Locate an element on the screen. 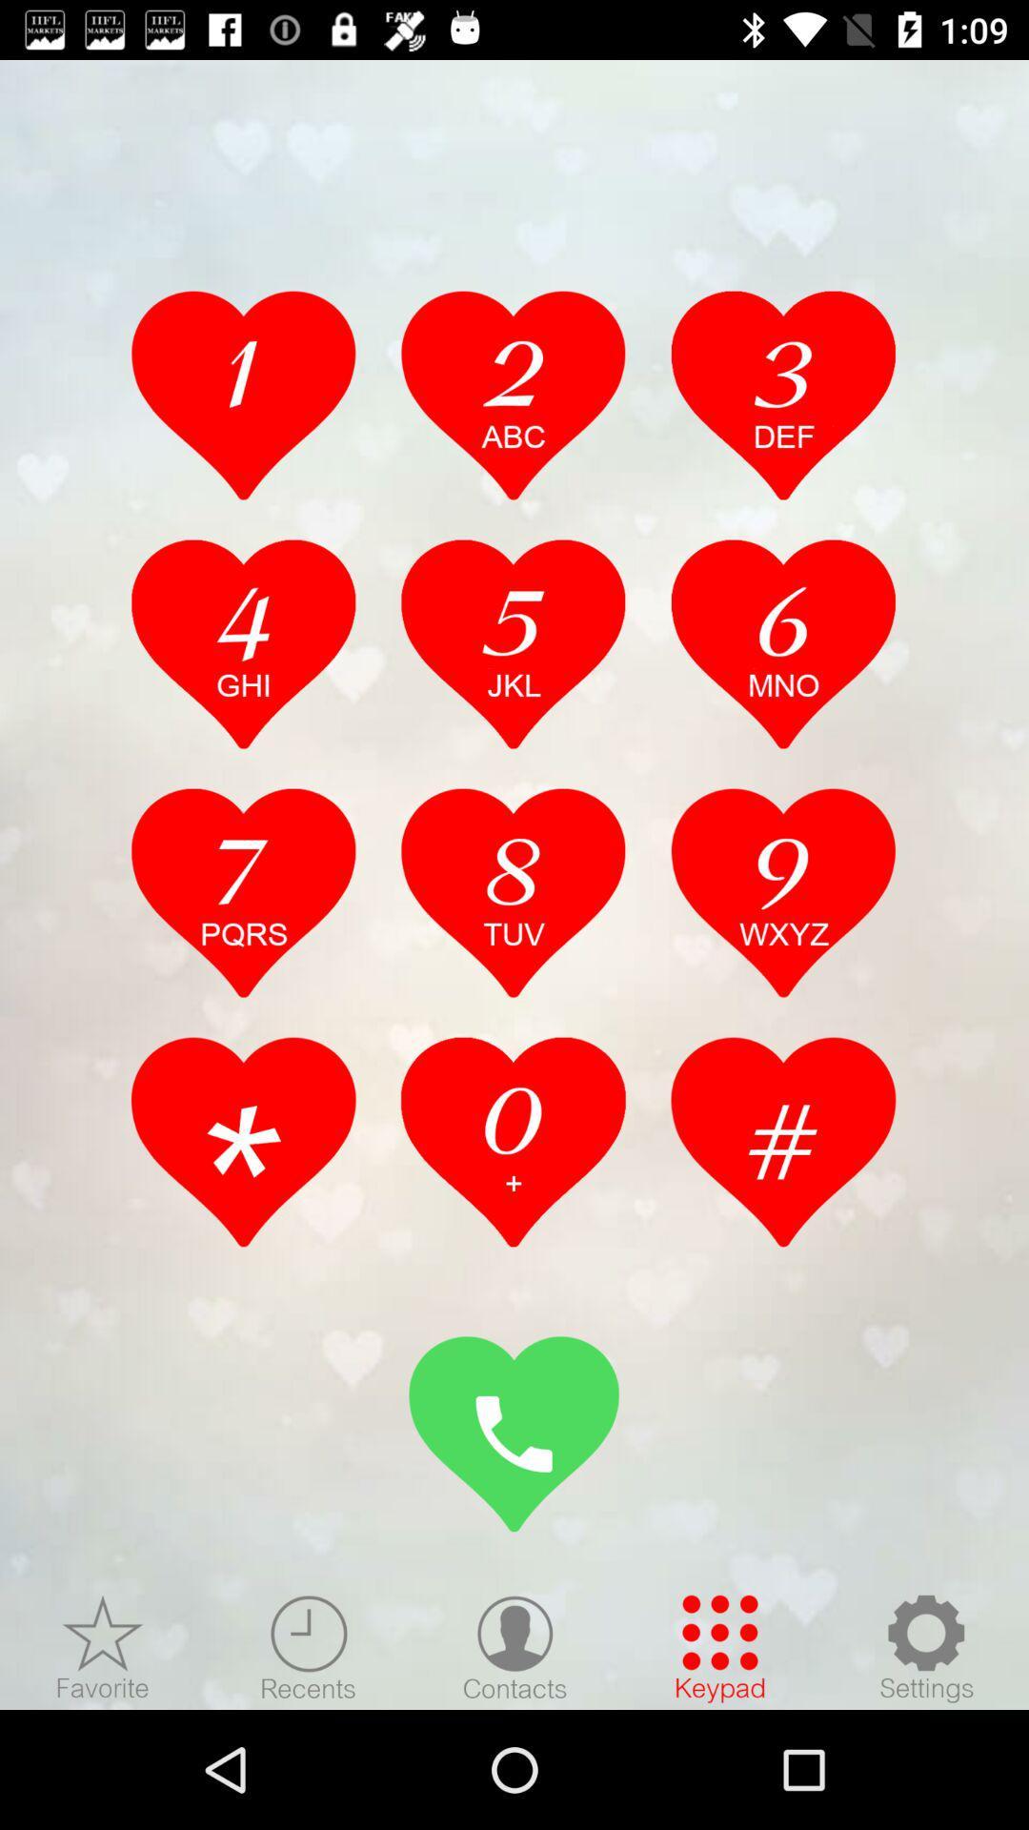 The height and width of the screenshot is (1830, 1029). novedosa pantalla de corazones is located at coordinates (103, 1647).